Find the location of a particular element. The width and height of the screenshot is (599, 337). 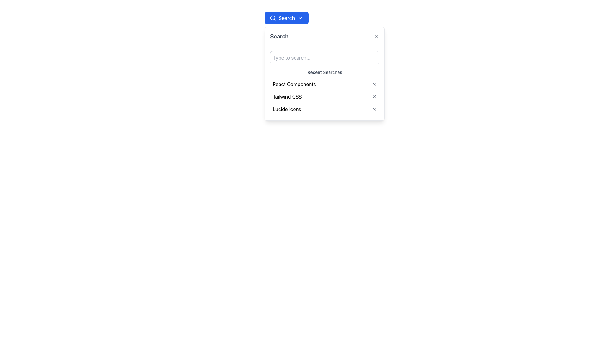

the 'Search' button located at the top-left corner of the interface, which contains a decorative magnifying glass icon as a part of its SVG graphic is located at coordinates (273, 17).